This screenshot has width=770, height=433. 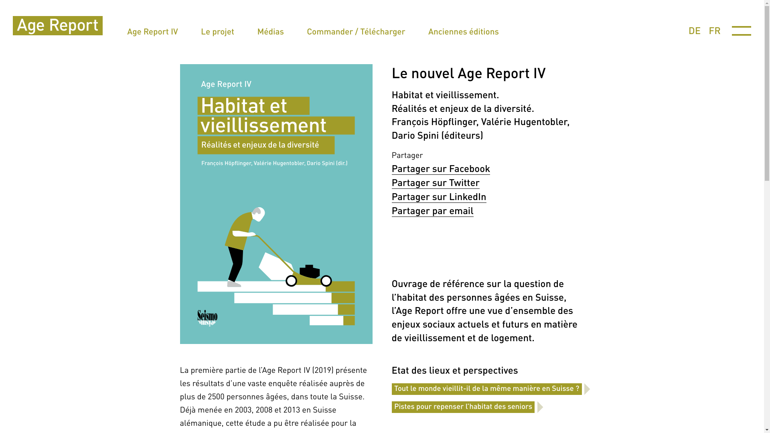 I want to click on ' ', so click(x=57, y=25).